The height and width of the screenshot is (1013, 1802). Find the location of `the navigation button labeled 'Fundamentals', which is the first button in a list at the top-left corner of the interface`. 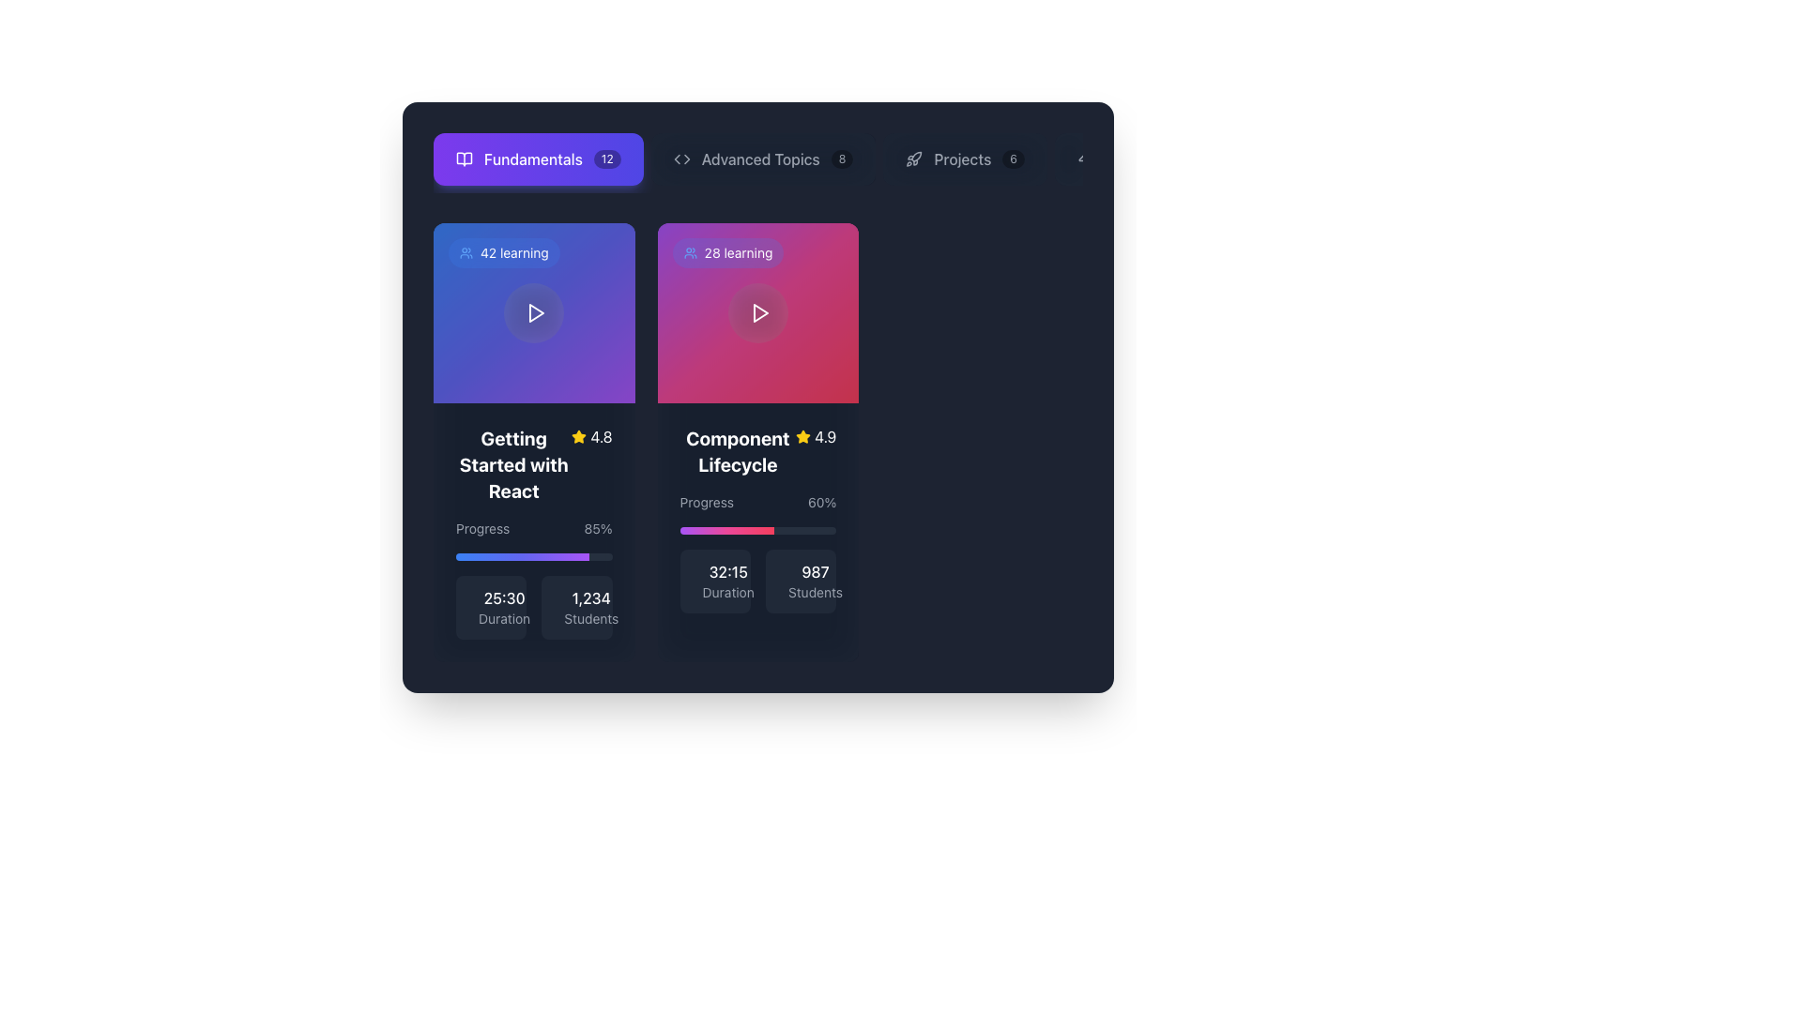

the navigation button labeled 'Fundamentals', which is the first button in a list at the top-left corner of the interface is located at coordinates (537, 158).